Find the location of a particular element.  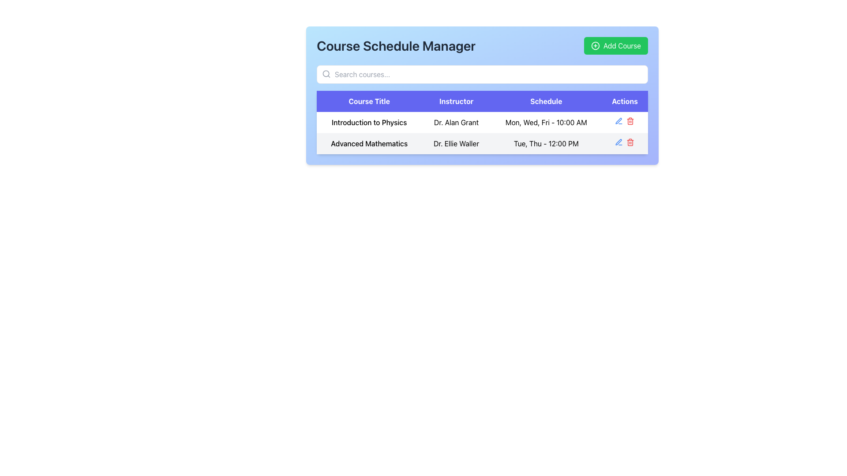

the header text labeled 'Course Schedule Manager', which is styled in bold, large typography and is positioned on the left side of the header area is located at coordinates (396, 46).